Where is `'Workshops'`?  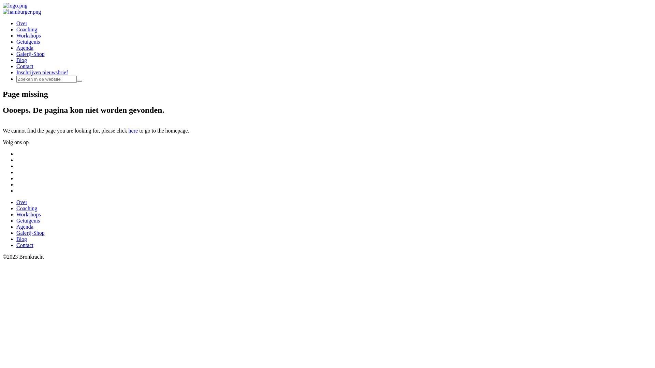 'Workshops' is located at coordinates (28, 214).